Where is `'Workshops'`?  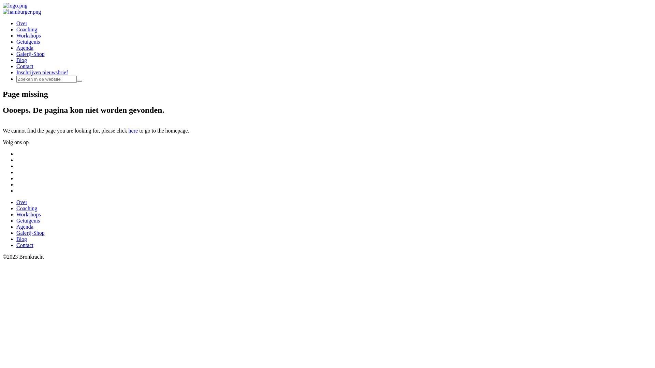 'Workshops' is located at coordinates (28, 214).